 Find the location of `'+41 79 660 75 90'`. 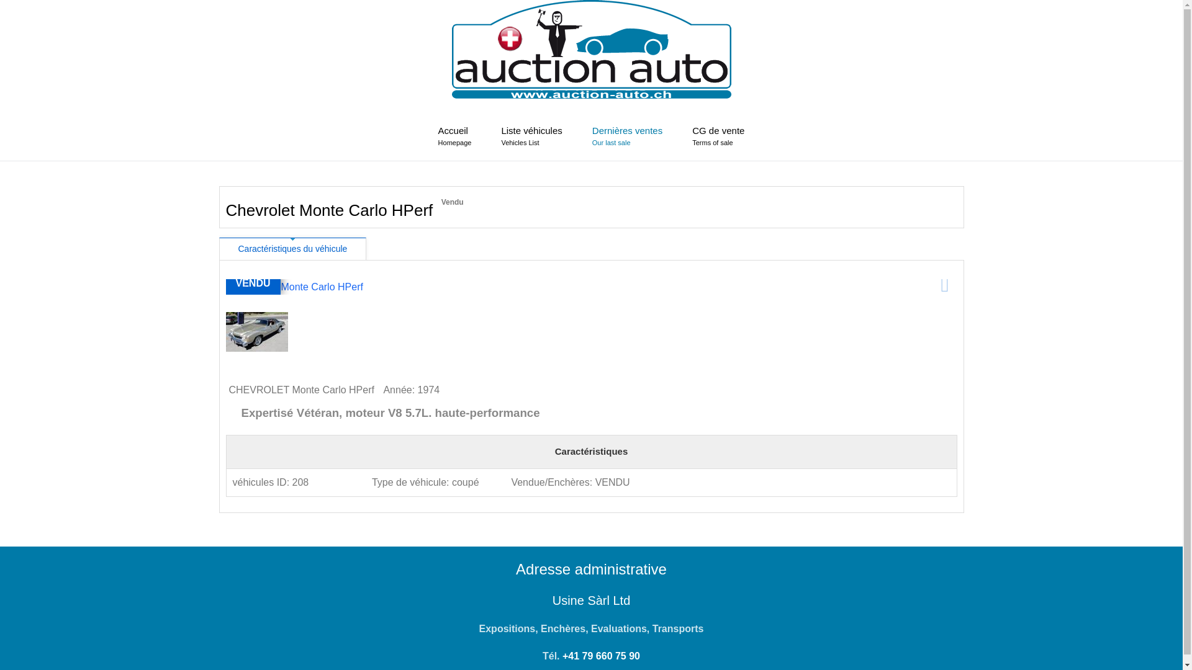

'+41 79 660 75 90' is located at coordinates (601, 655).